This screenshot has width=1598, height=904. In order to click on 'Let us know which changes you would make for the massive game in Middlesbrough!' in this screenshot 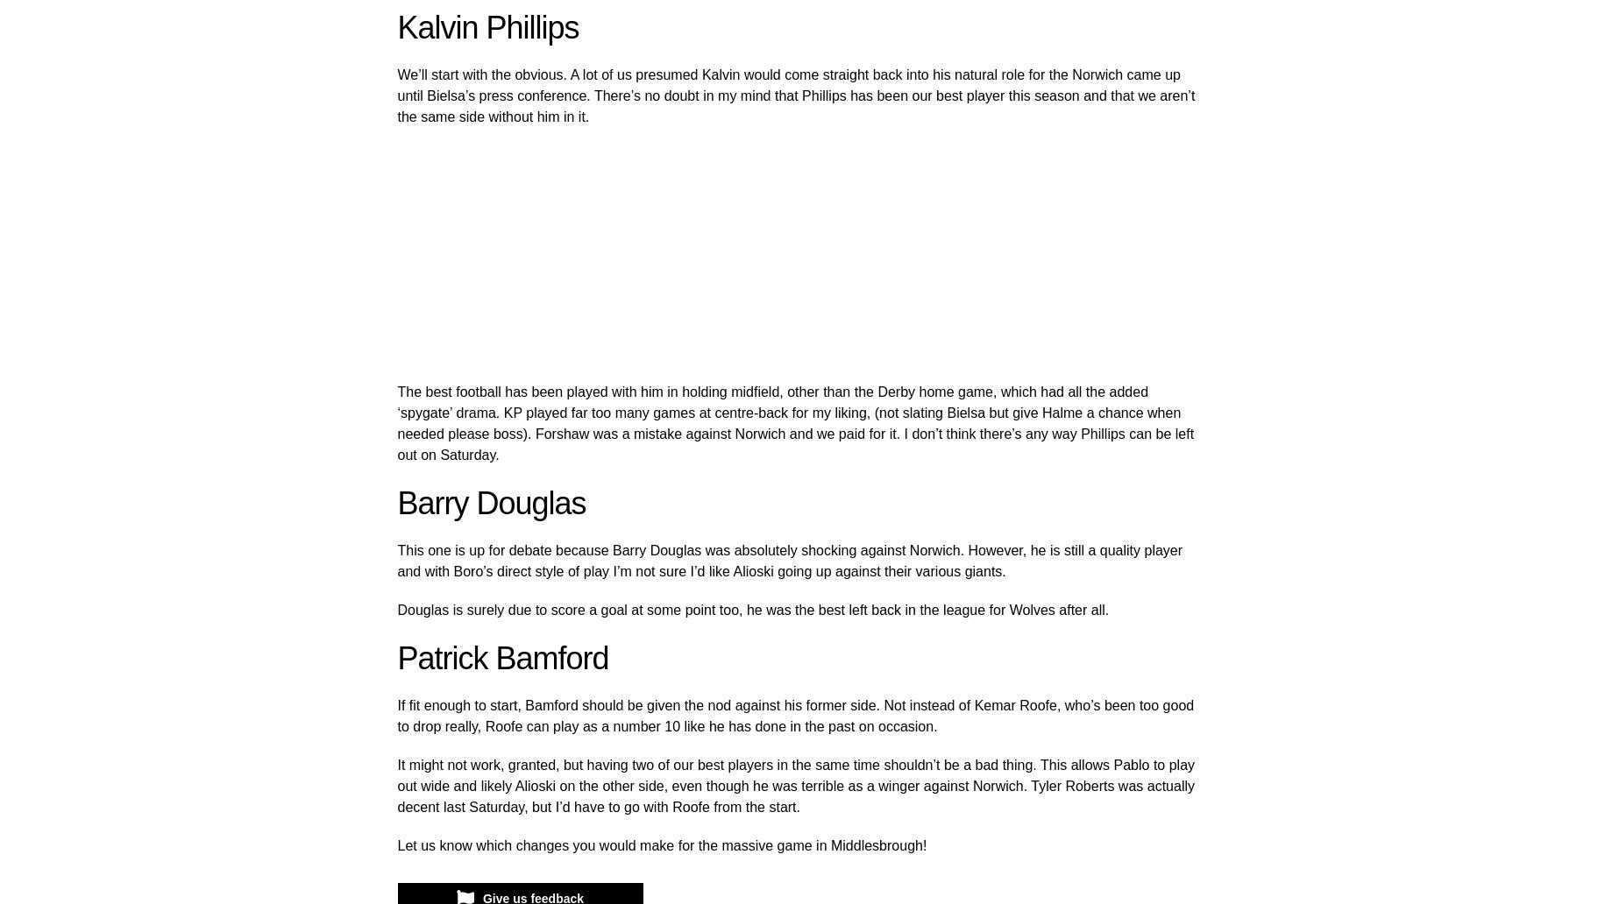, I will do `click(661, 844)`.